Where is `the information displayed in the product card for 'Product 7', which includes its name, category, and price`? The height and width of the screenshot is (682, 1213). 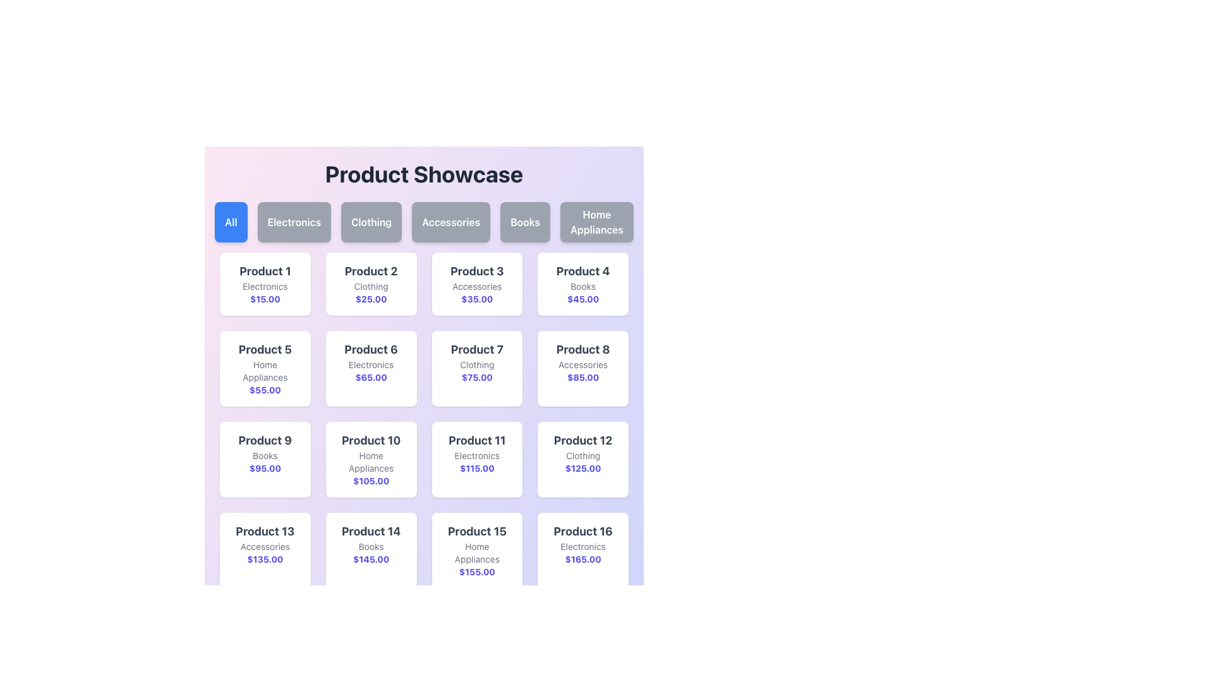 the information displayed in the product card for 'Product 7', which includes its name, category, and price is located at coordinates (476, 368).